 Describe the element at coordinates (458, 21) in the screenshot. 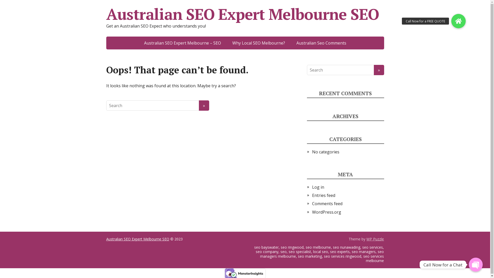

I see `'Call Now for a FREE QUOTE'` at that location.